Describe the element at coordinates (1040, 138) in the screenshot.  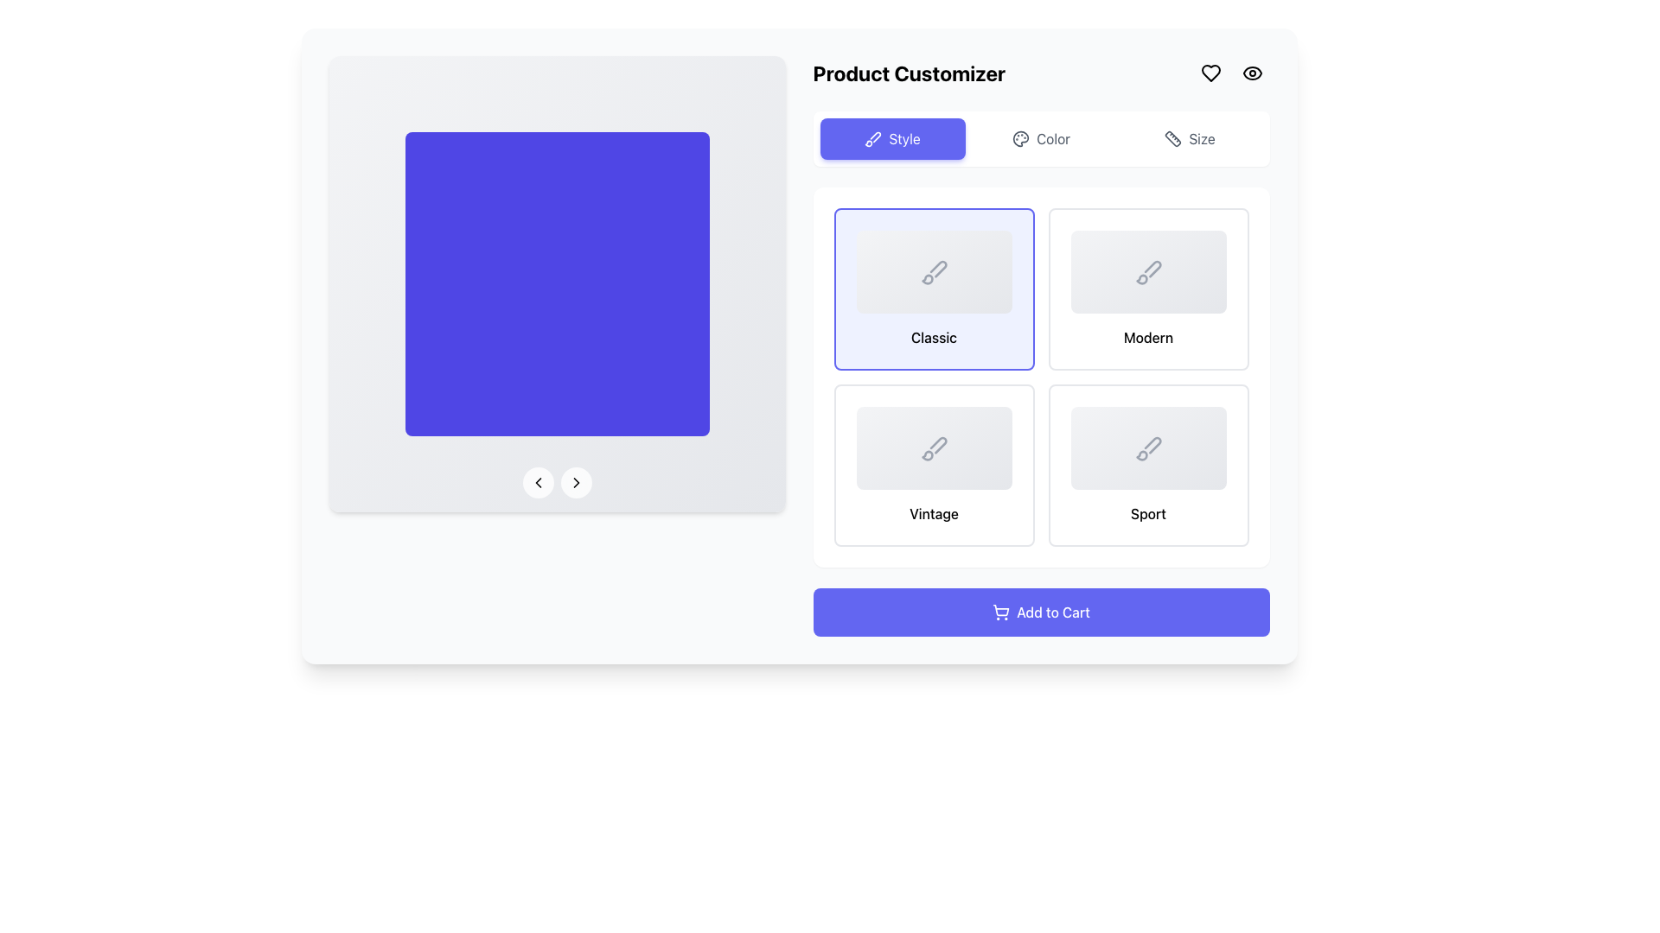
I see `the button that navigates to the color customization options for the product, located between the 'Style' and 'Size' buttons` at that location.